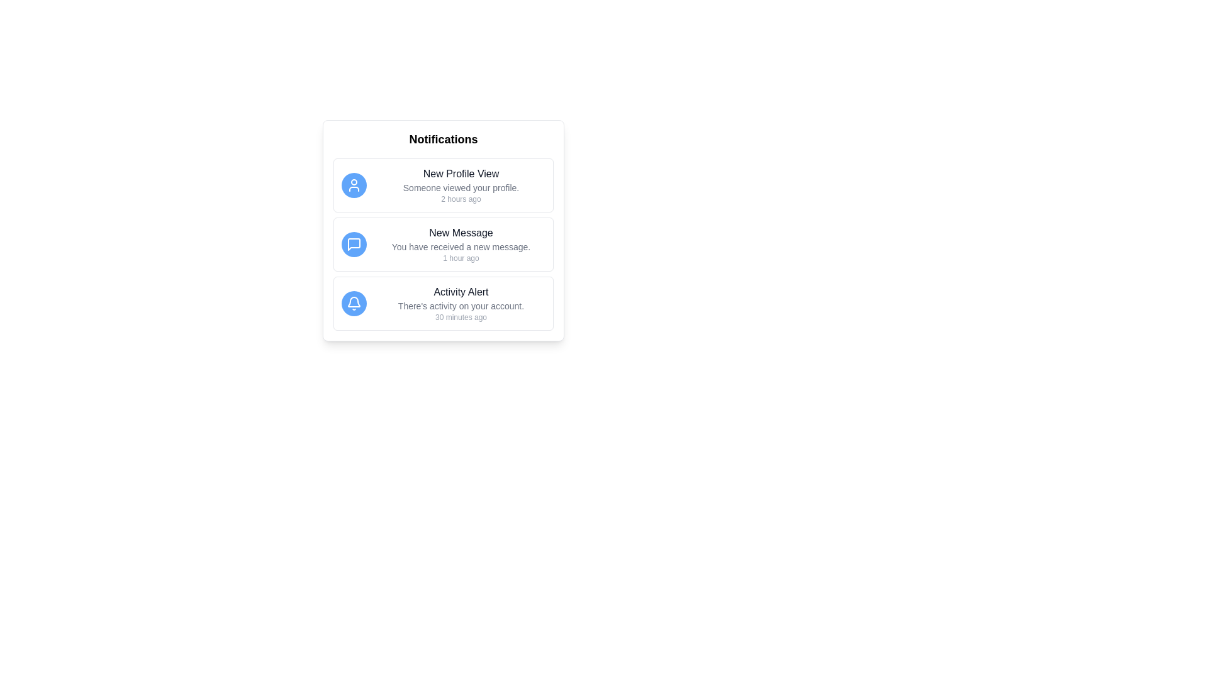 The image size is (1208, 679). I want to click on the text element that reads "There's activity on your account." located in the "Activity Alert" block, positioned beneath the heading "Activity Alert.", so click(461, 306).